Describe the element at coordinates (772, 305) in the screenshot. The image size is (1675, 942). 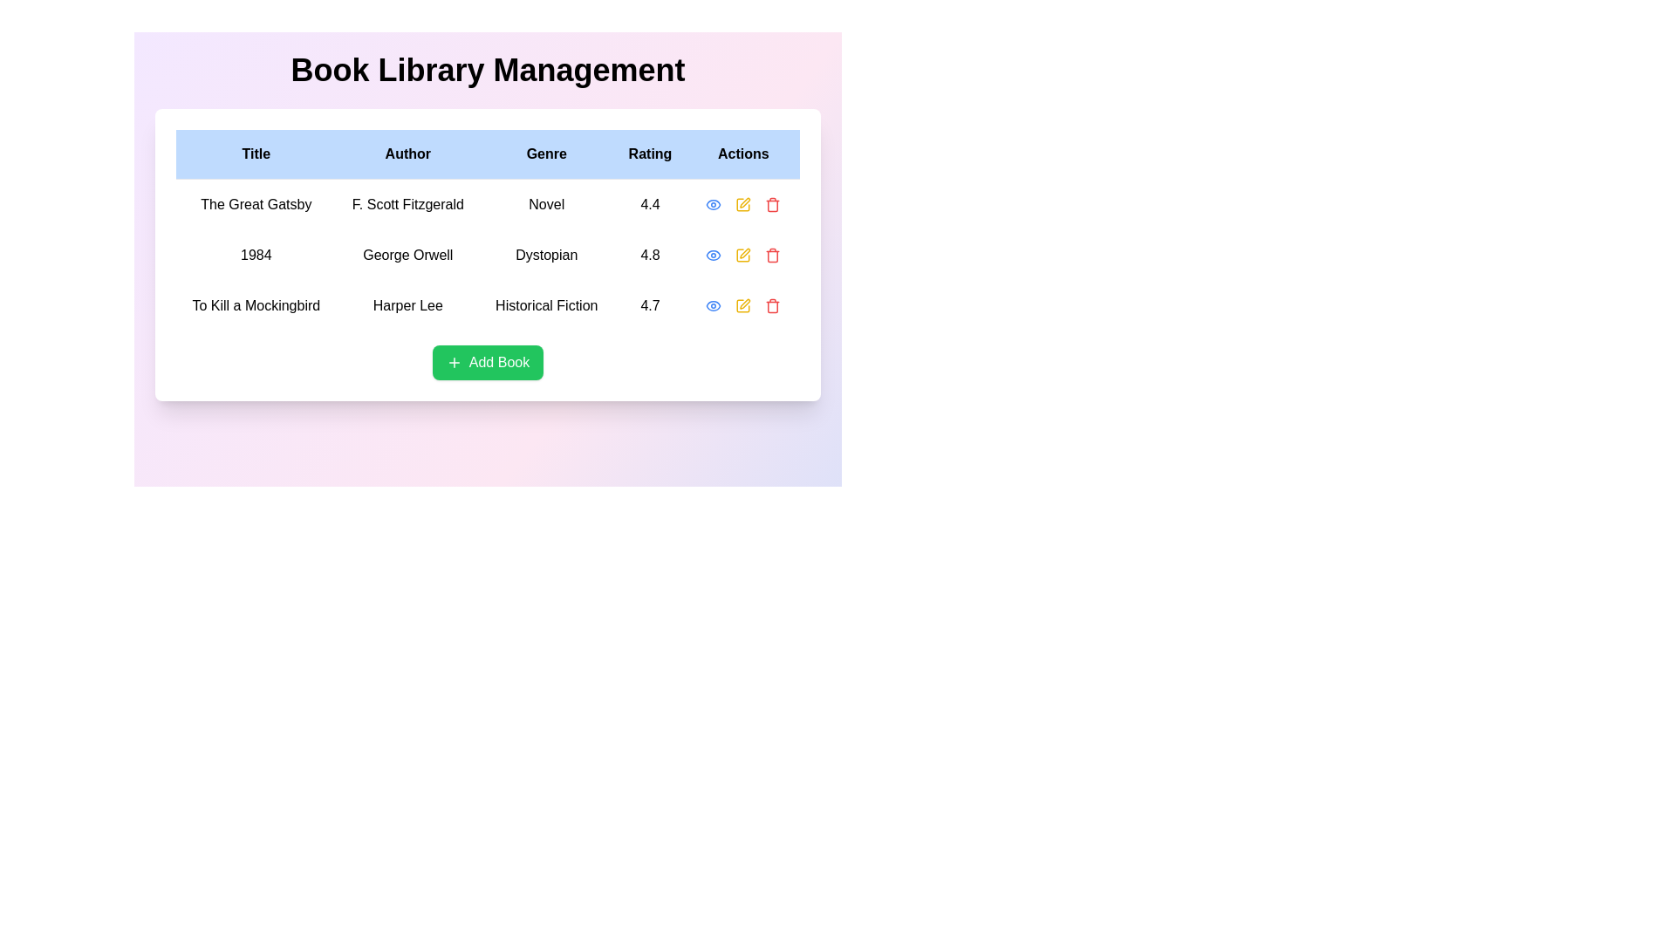
I see `the red trash can icon button in the 'Actions' column associated with 'To Kill a Mockingbird'` at that location.